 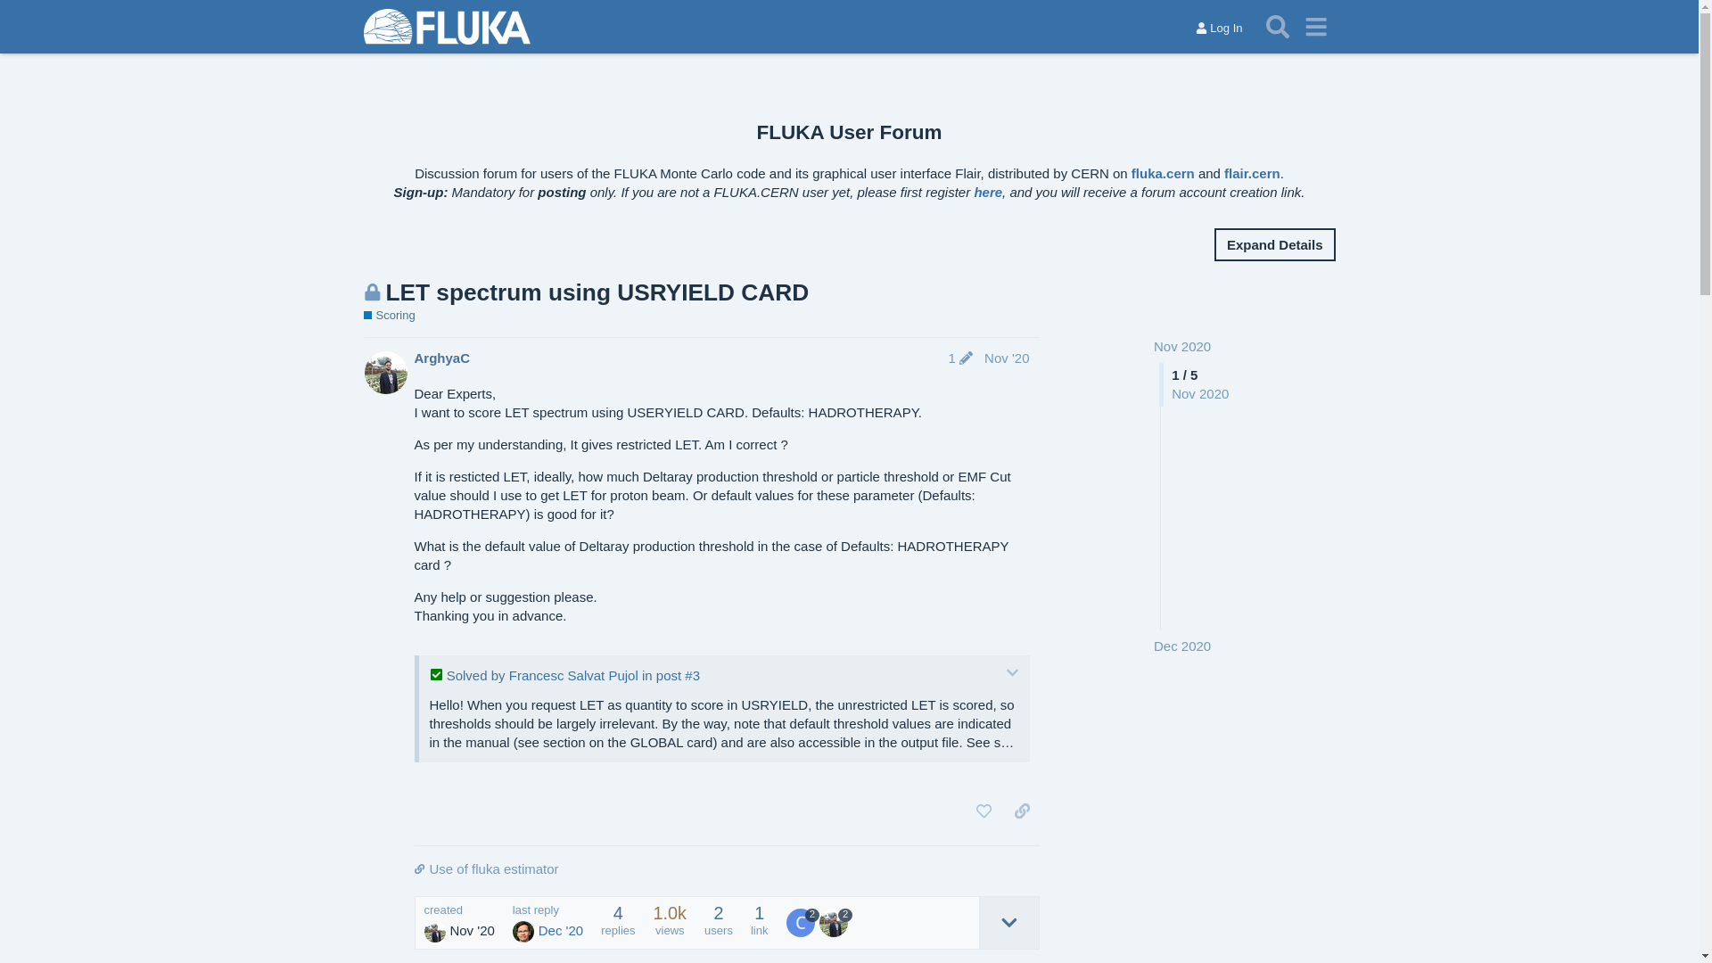 I want to click on 'expand/collapse', so click(x=1012, y=672).